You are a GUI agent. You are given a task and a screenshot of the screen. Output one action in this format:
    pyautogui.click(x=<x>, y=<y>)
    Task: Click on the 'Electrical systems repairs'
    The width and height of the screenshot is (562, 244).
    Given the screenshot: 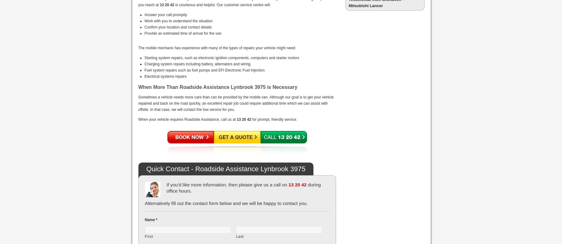 What is the action you would take?
    pyautogui.click(x=165, y=76)
    